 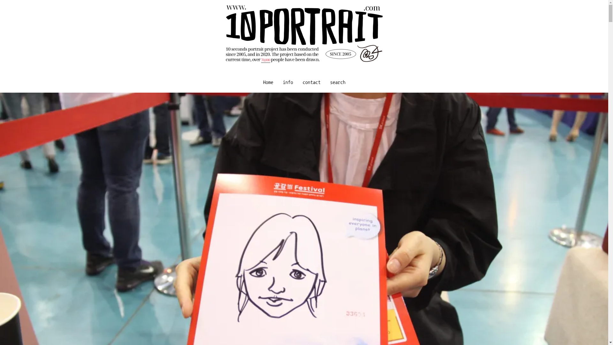 I want to click on 'search', so click(x=337, y=82).